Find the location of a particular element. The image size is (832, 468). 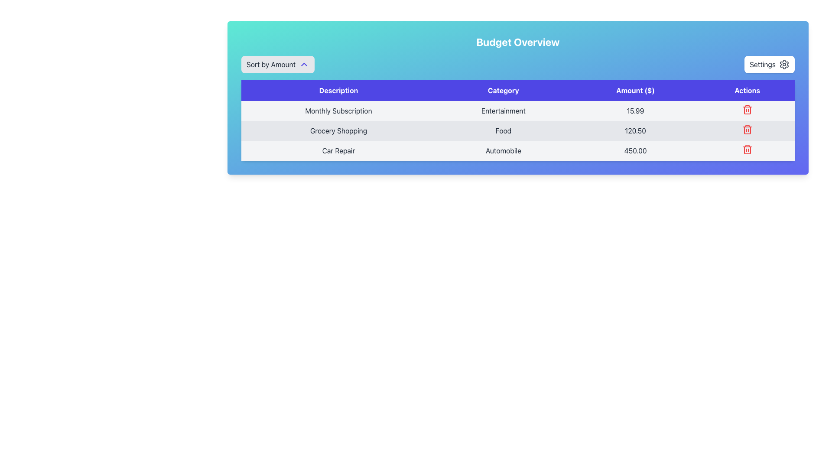

the red trash bin icon in the 'Actions' column corresponding to the 'Monthly Subscription' entry is located at coordinates (747, 109).